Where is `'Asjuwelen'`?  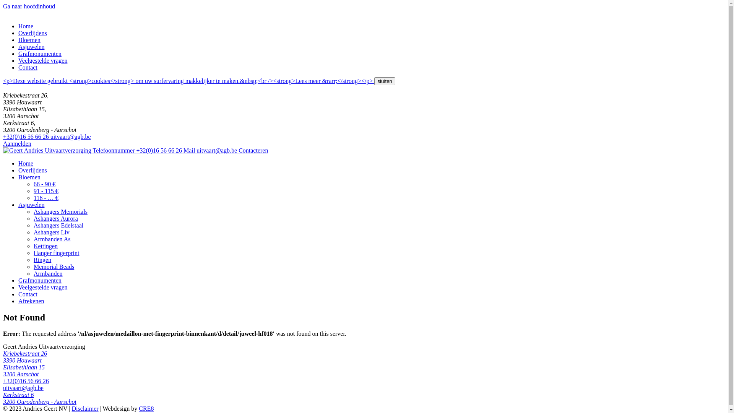 'Asjuwelen' is located at coordinates (18, 47).